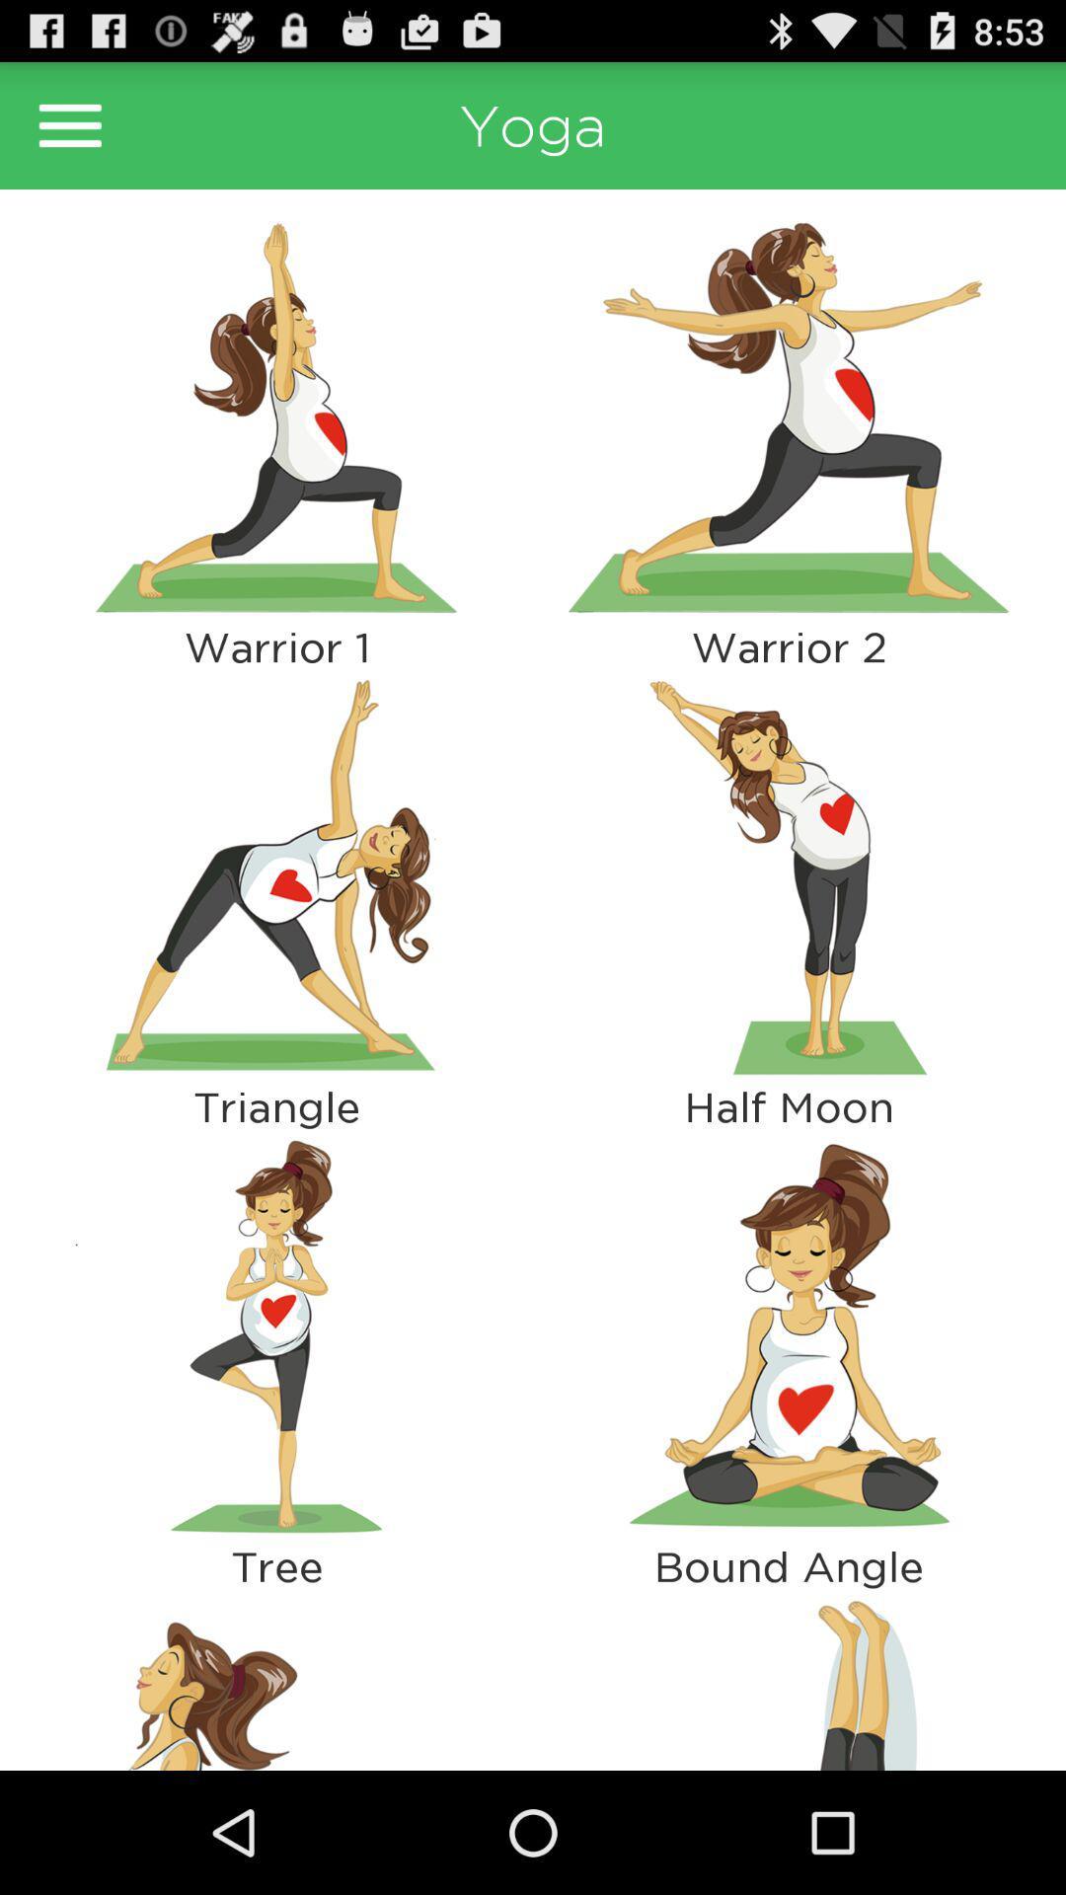  I want to click on see pose, so click(788, 875).